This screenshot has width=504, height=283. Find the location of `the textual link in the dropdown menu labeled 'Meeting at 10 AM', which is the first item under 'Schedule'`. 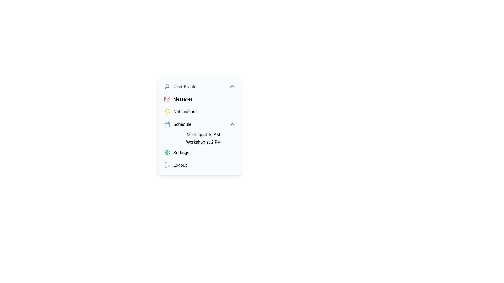

the textual link in the dropdown menu labeled 'Meeting at 10 AM', which is the first item under 'Schedule' is located at coordinates (203, 134).